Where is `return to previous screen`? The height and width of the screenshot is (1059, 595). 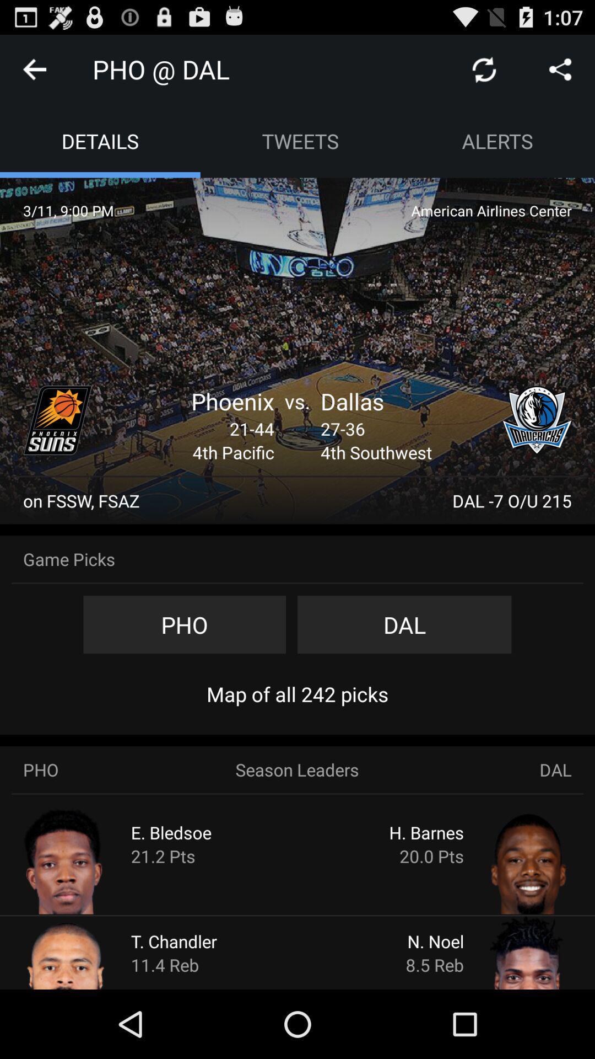
return to previous screen is located at coordinates (34, 68).